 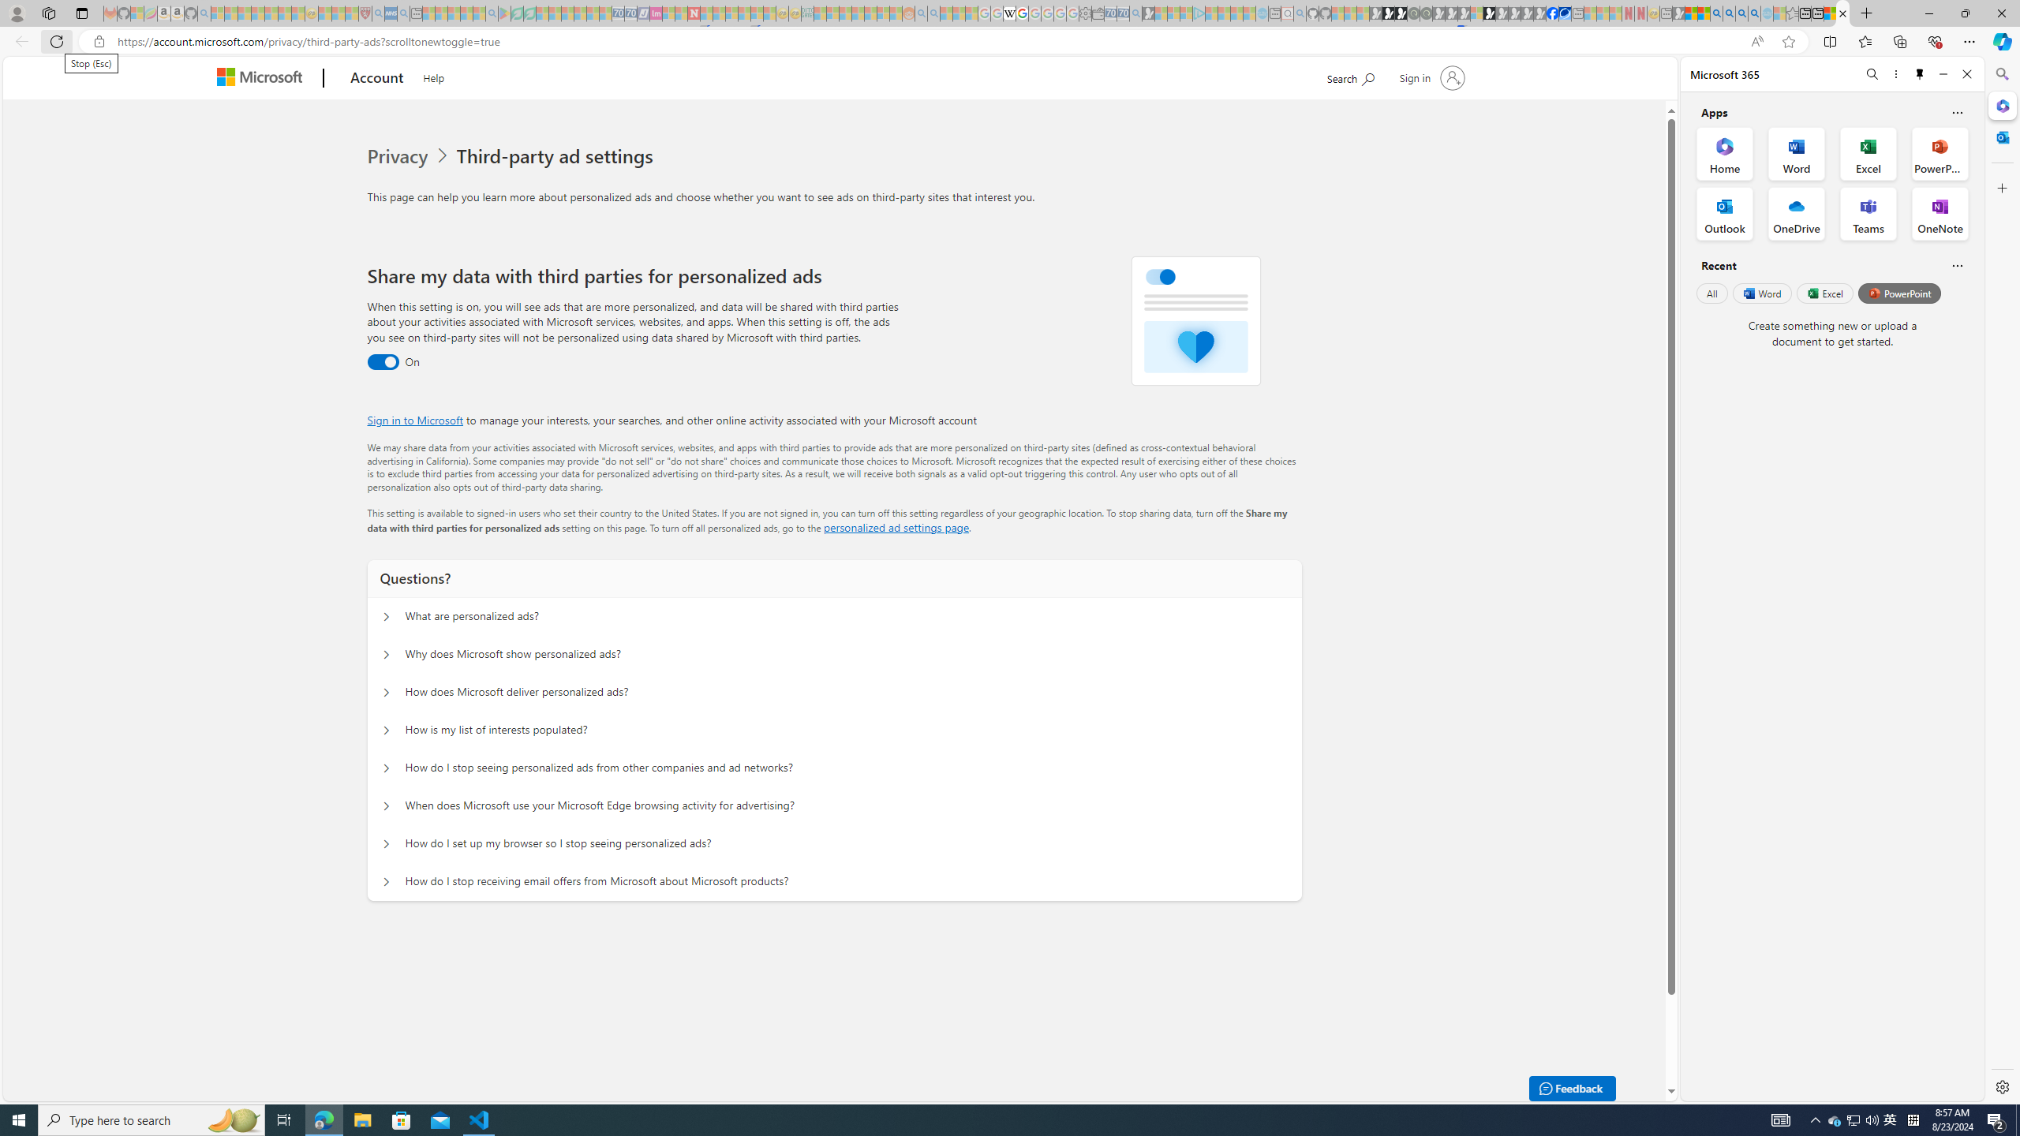 What do you see at coordinates (1425, 13) in the screenshot?
I see `'Future Focus Report 2024 - Sleeping'` at bounding box center [1425, 13].